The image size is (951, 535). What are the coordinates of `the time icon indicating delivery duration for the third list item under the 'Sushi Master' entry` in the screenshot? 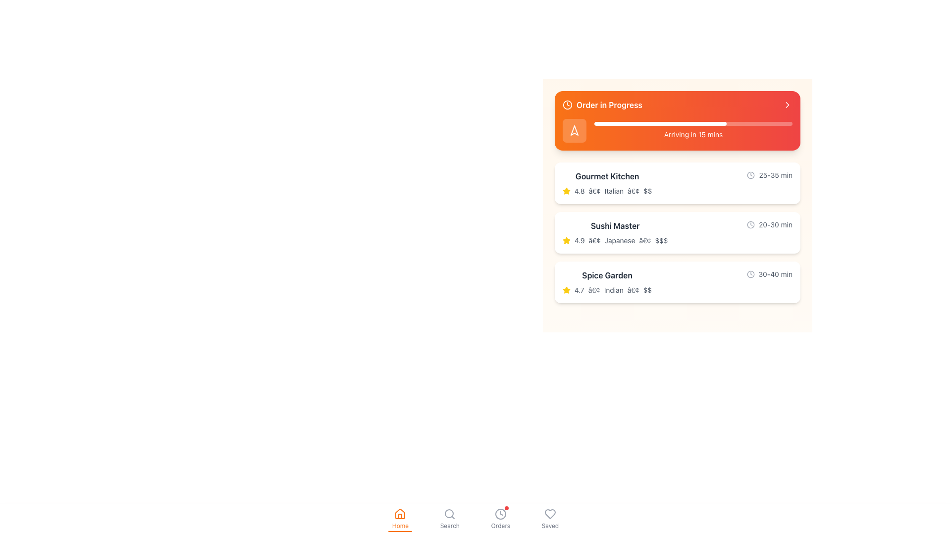 It's located at (751, 225).